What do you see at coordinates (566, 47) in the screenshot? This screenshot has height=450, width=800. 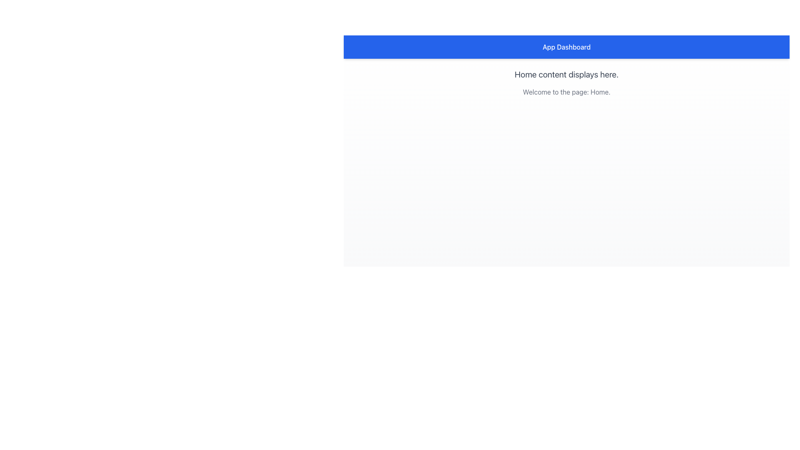 I see `title of the Header element indicating the user is on the 'App Dashboard' page, located at the top of the interface` at bounding box center [566, 47].